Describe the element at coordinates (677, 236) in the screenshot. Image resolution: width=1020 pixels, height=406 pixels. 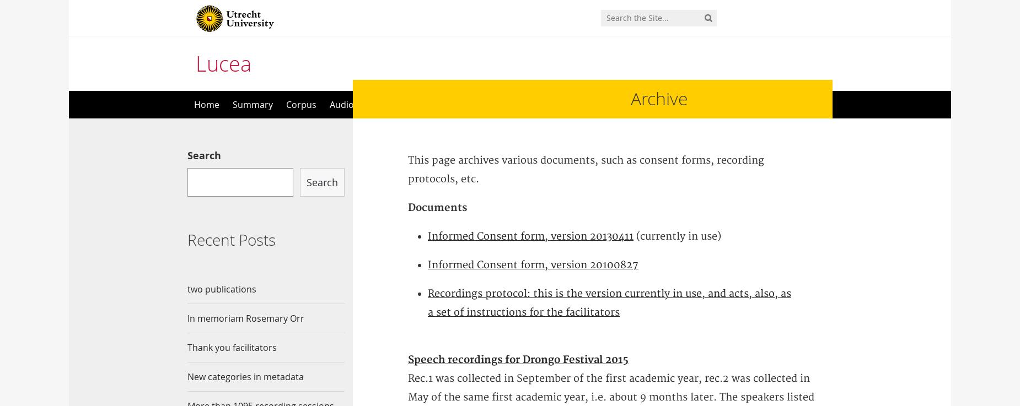
I see `'(currently in use)'` at that location.